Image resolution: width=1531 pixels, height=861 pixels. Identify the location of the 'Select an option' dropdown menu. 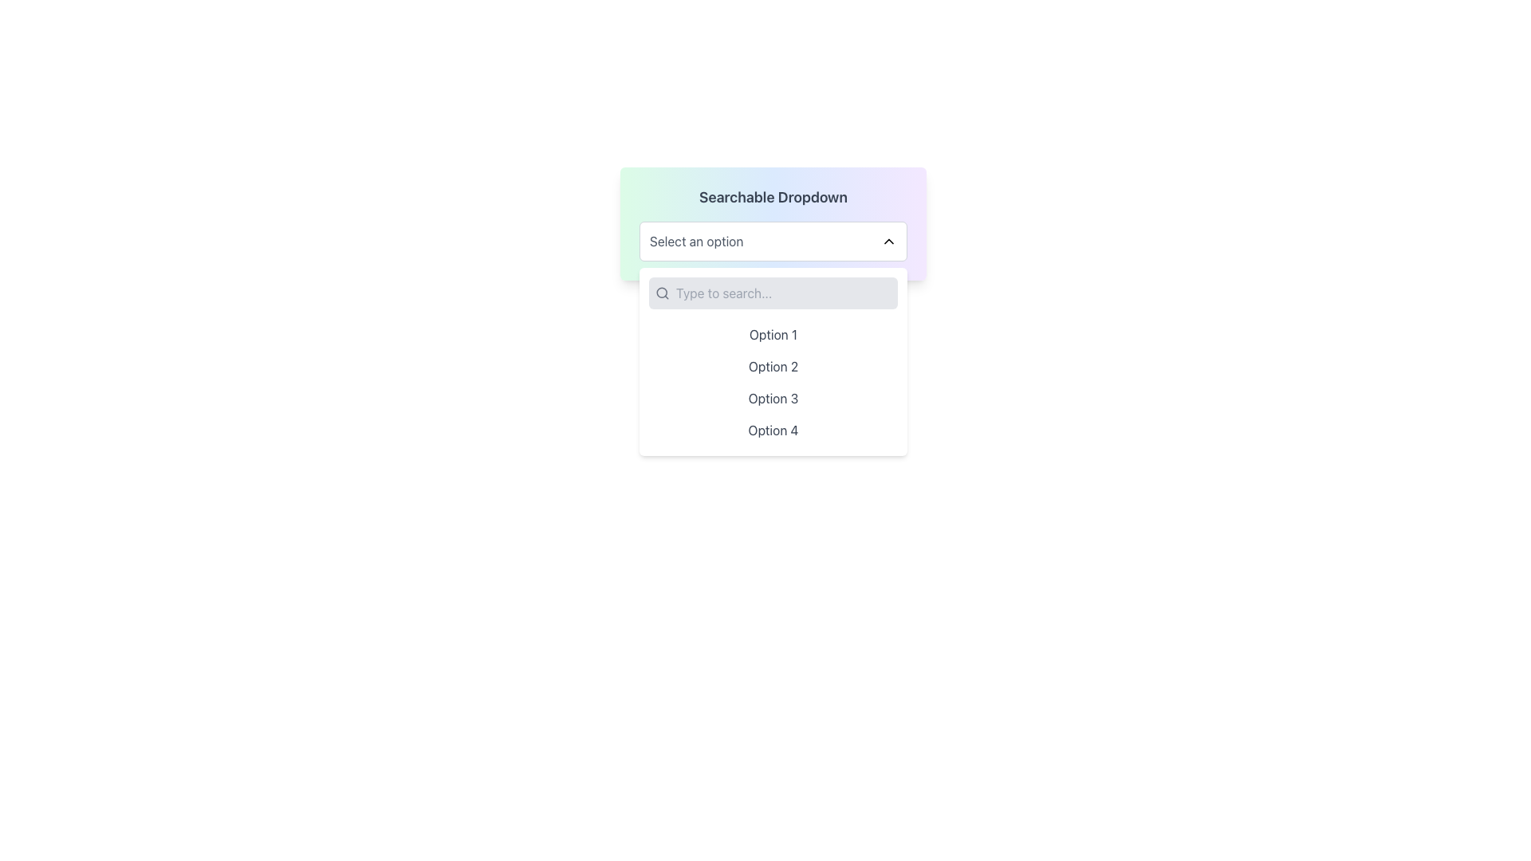
(773, 242).